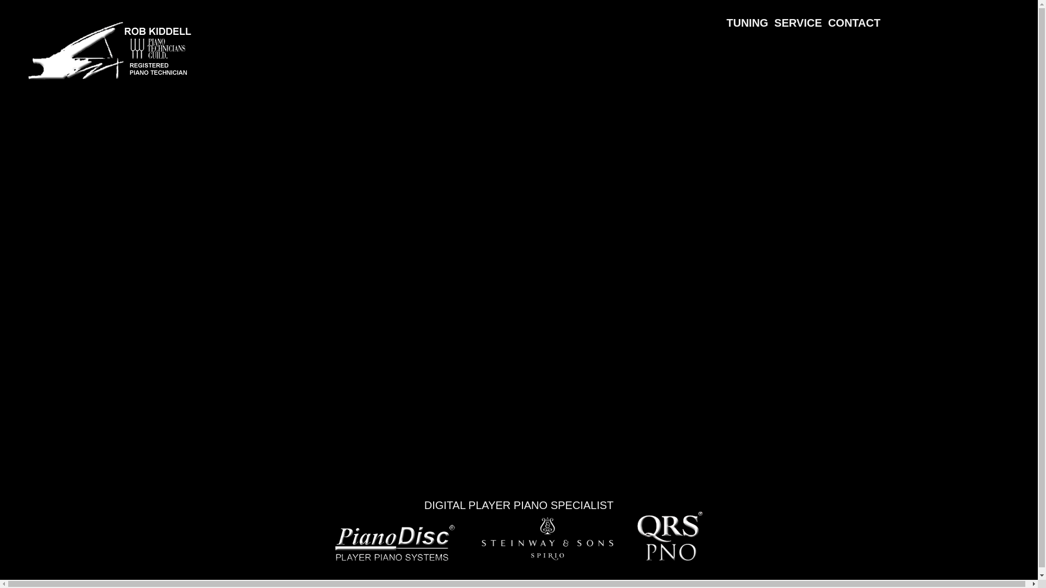 This screenshot has height=588, width=1046. What do you see at coordinates (750, 16) in the screenshot?
I see `'TUNING  '` at bounding box center [750, 16].